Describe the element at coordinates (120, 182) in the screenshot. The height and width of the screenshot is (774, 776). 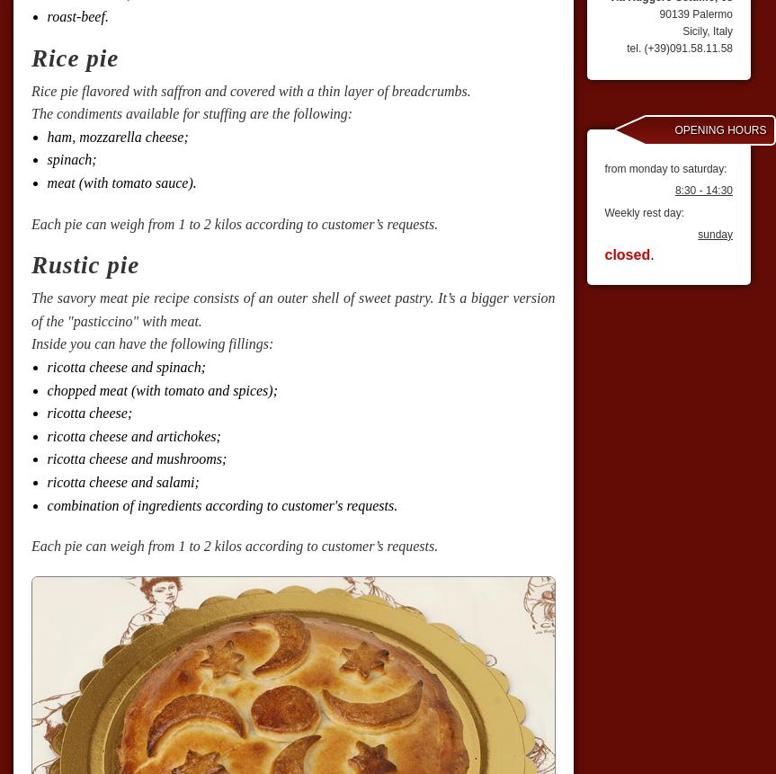
I see `'meat (with tomato sauce).'` at that location.